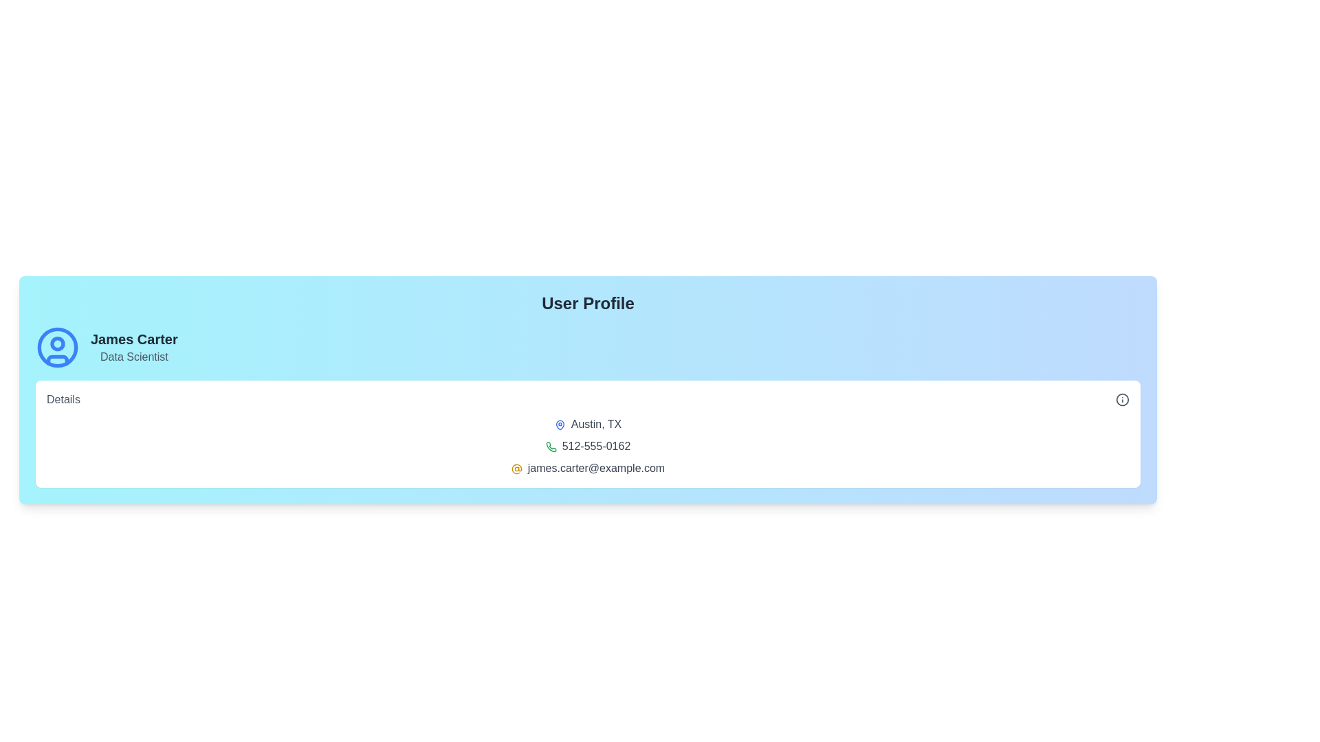 Image resolution: width=1320 pixels, height=742 pixels. I want to click on the small circle SVG element located within the user profile icon, which is positioned at the top-left corner of the interface above the text 'James Carter - Data Scientist', so click(56, 343).